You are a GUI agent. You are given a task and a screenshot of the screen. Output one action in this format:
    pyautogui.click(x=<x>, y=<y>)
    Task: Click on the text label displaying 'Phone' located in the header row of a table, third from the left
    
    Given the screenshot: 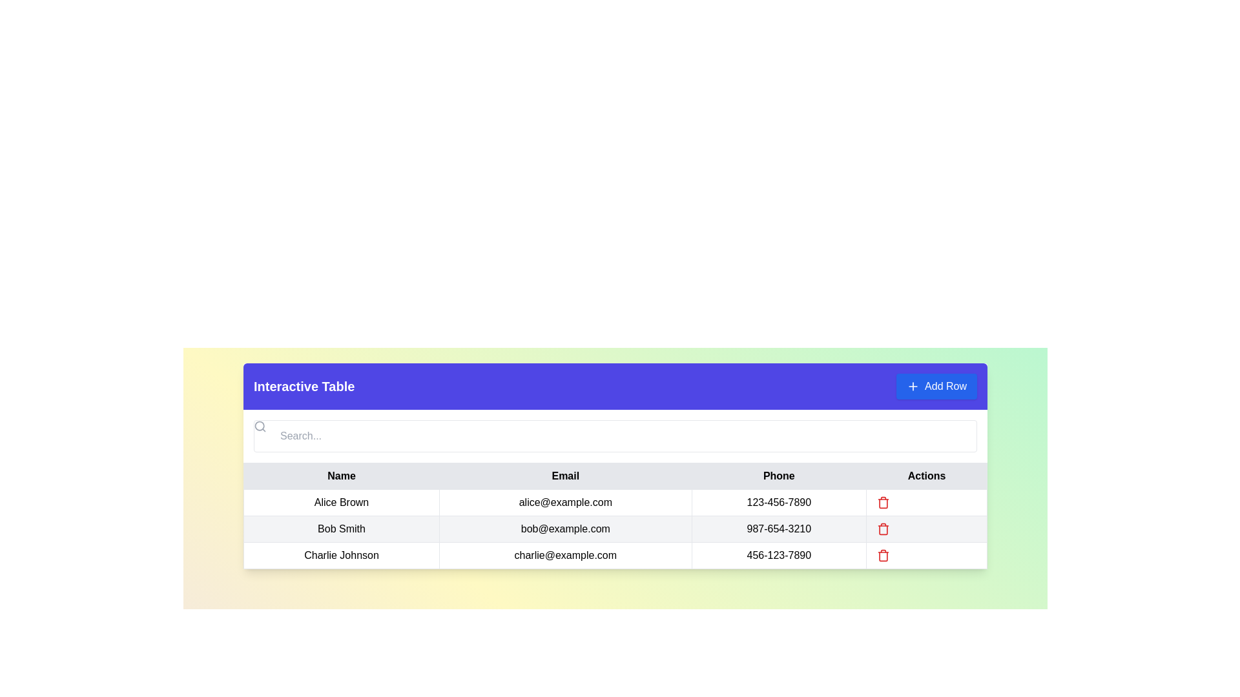 What is the action you would take?
    pyautogui.click(x=778, y=476)
    